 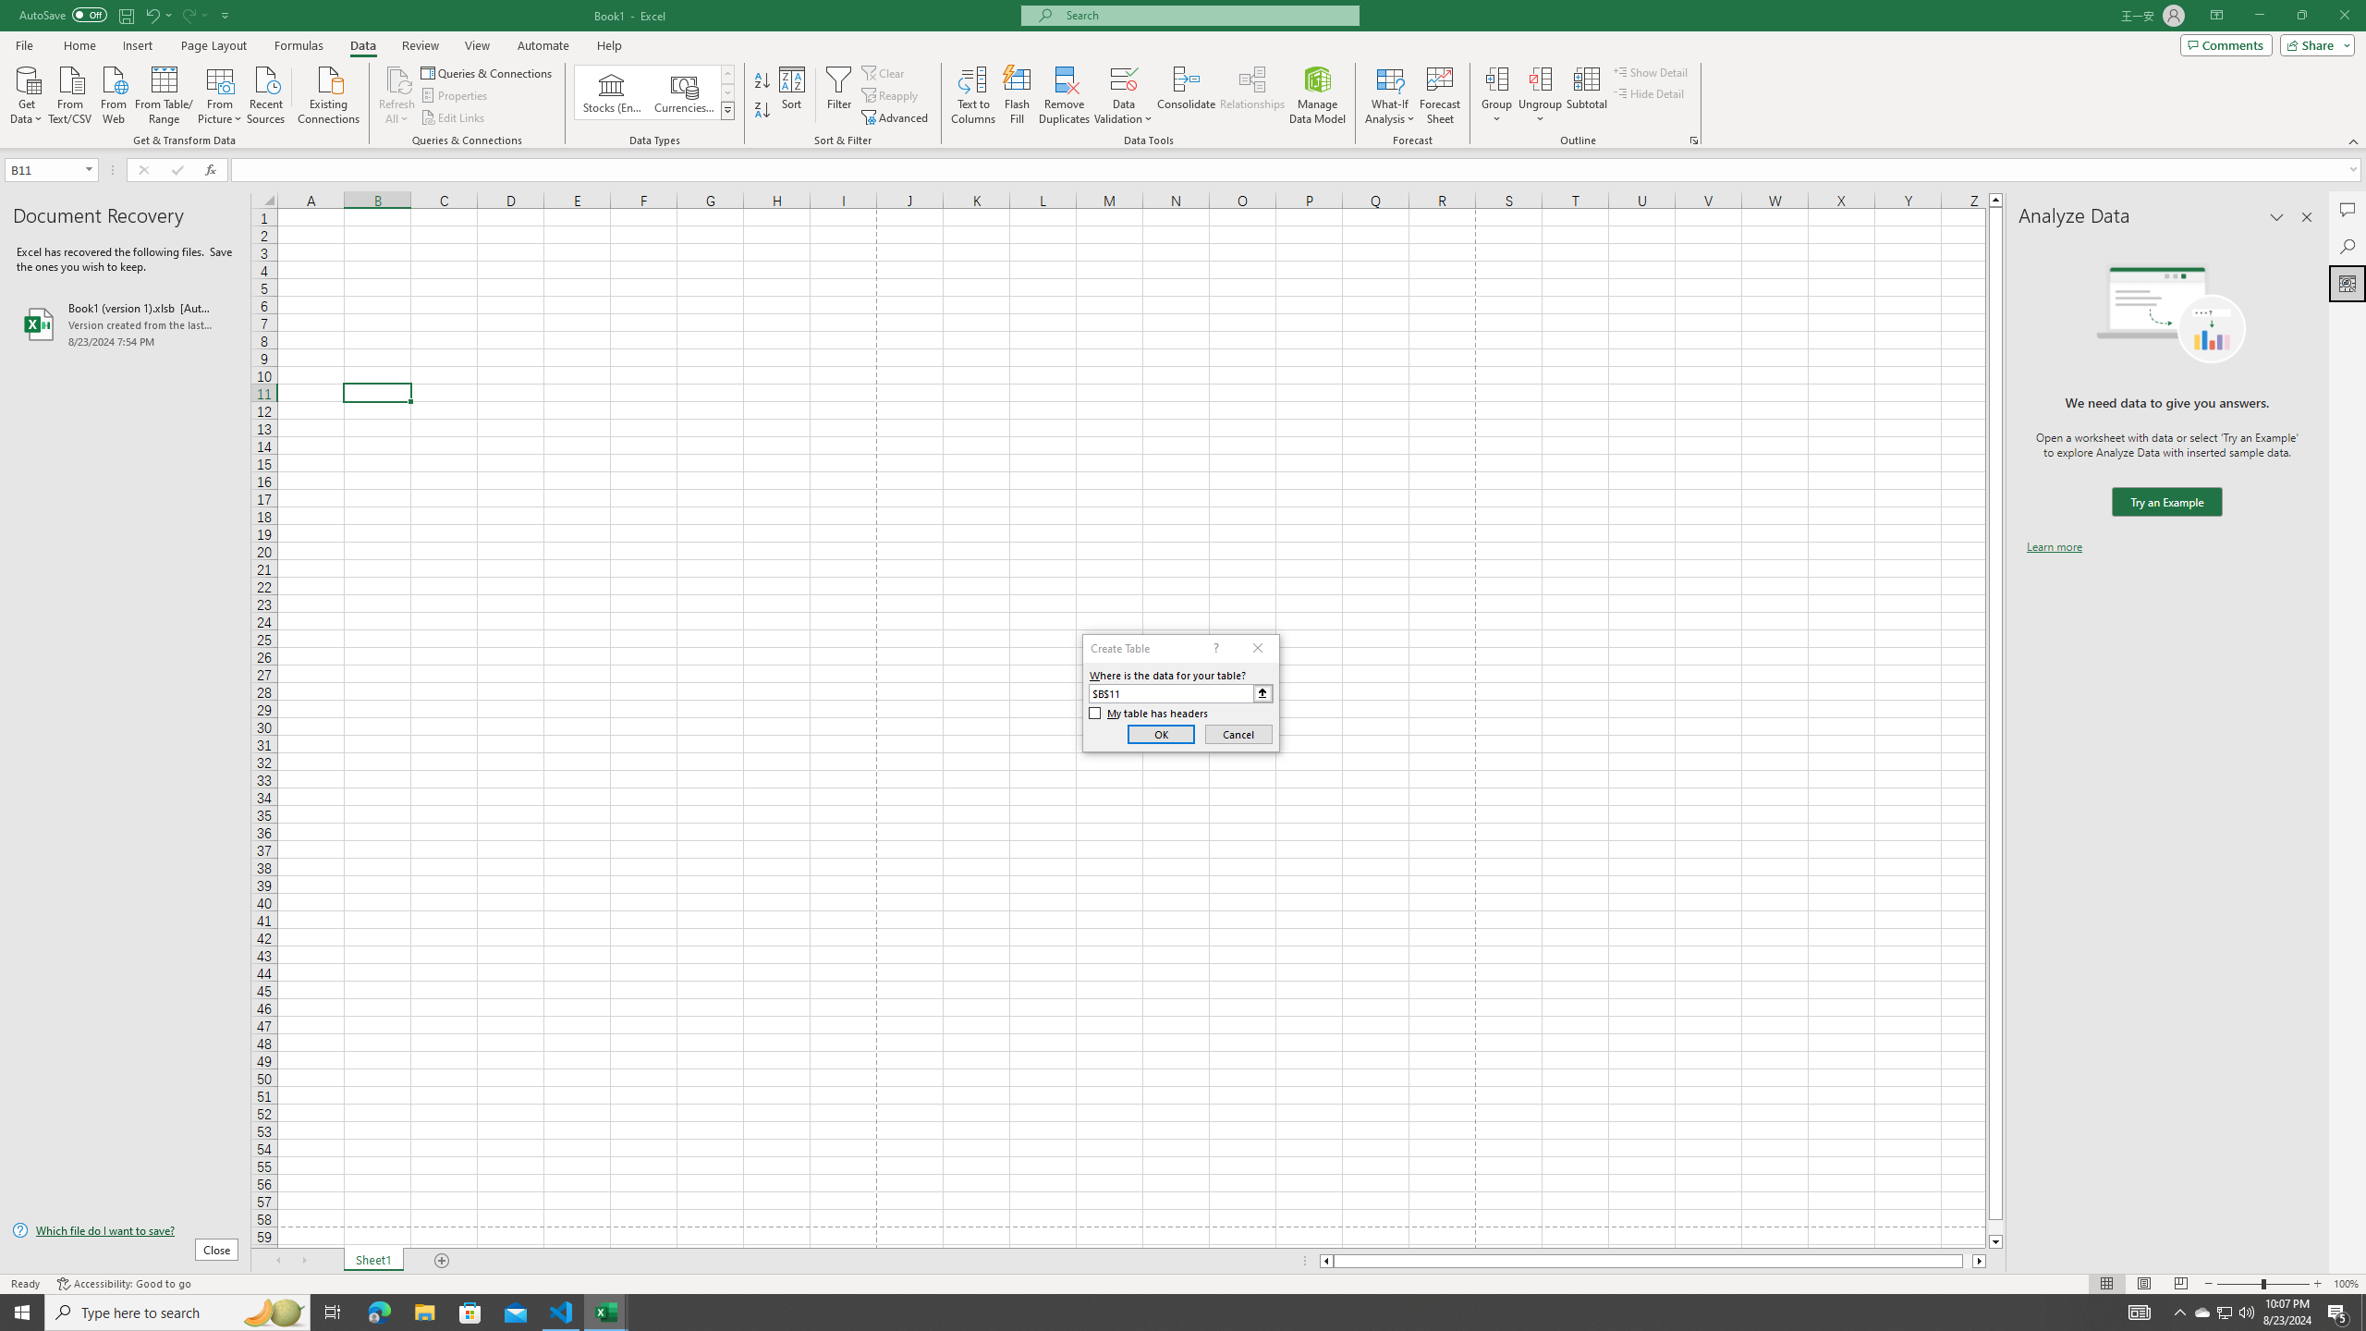 What do you see at coordinates (1186, 95) in the screenshot?
I see `'Consolidate...'` at bounding box center [1186, 95].